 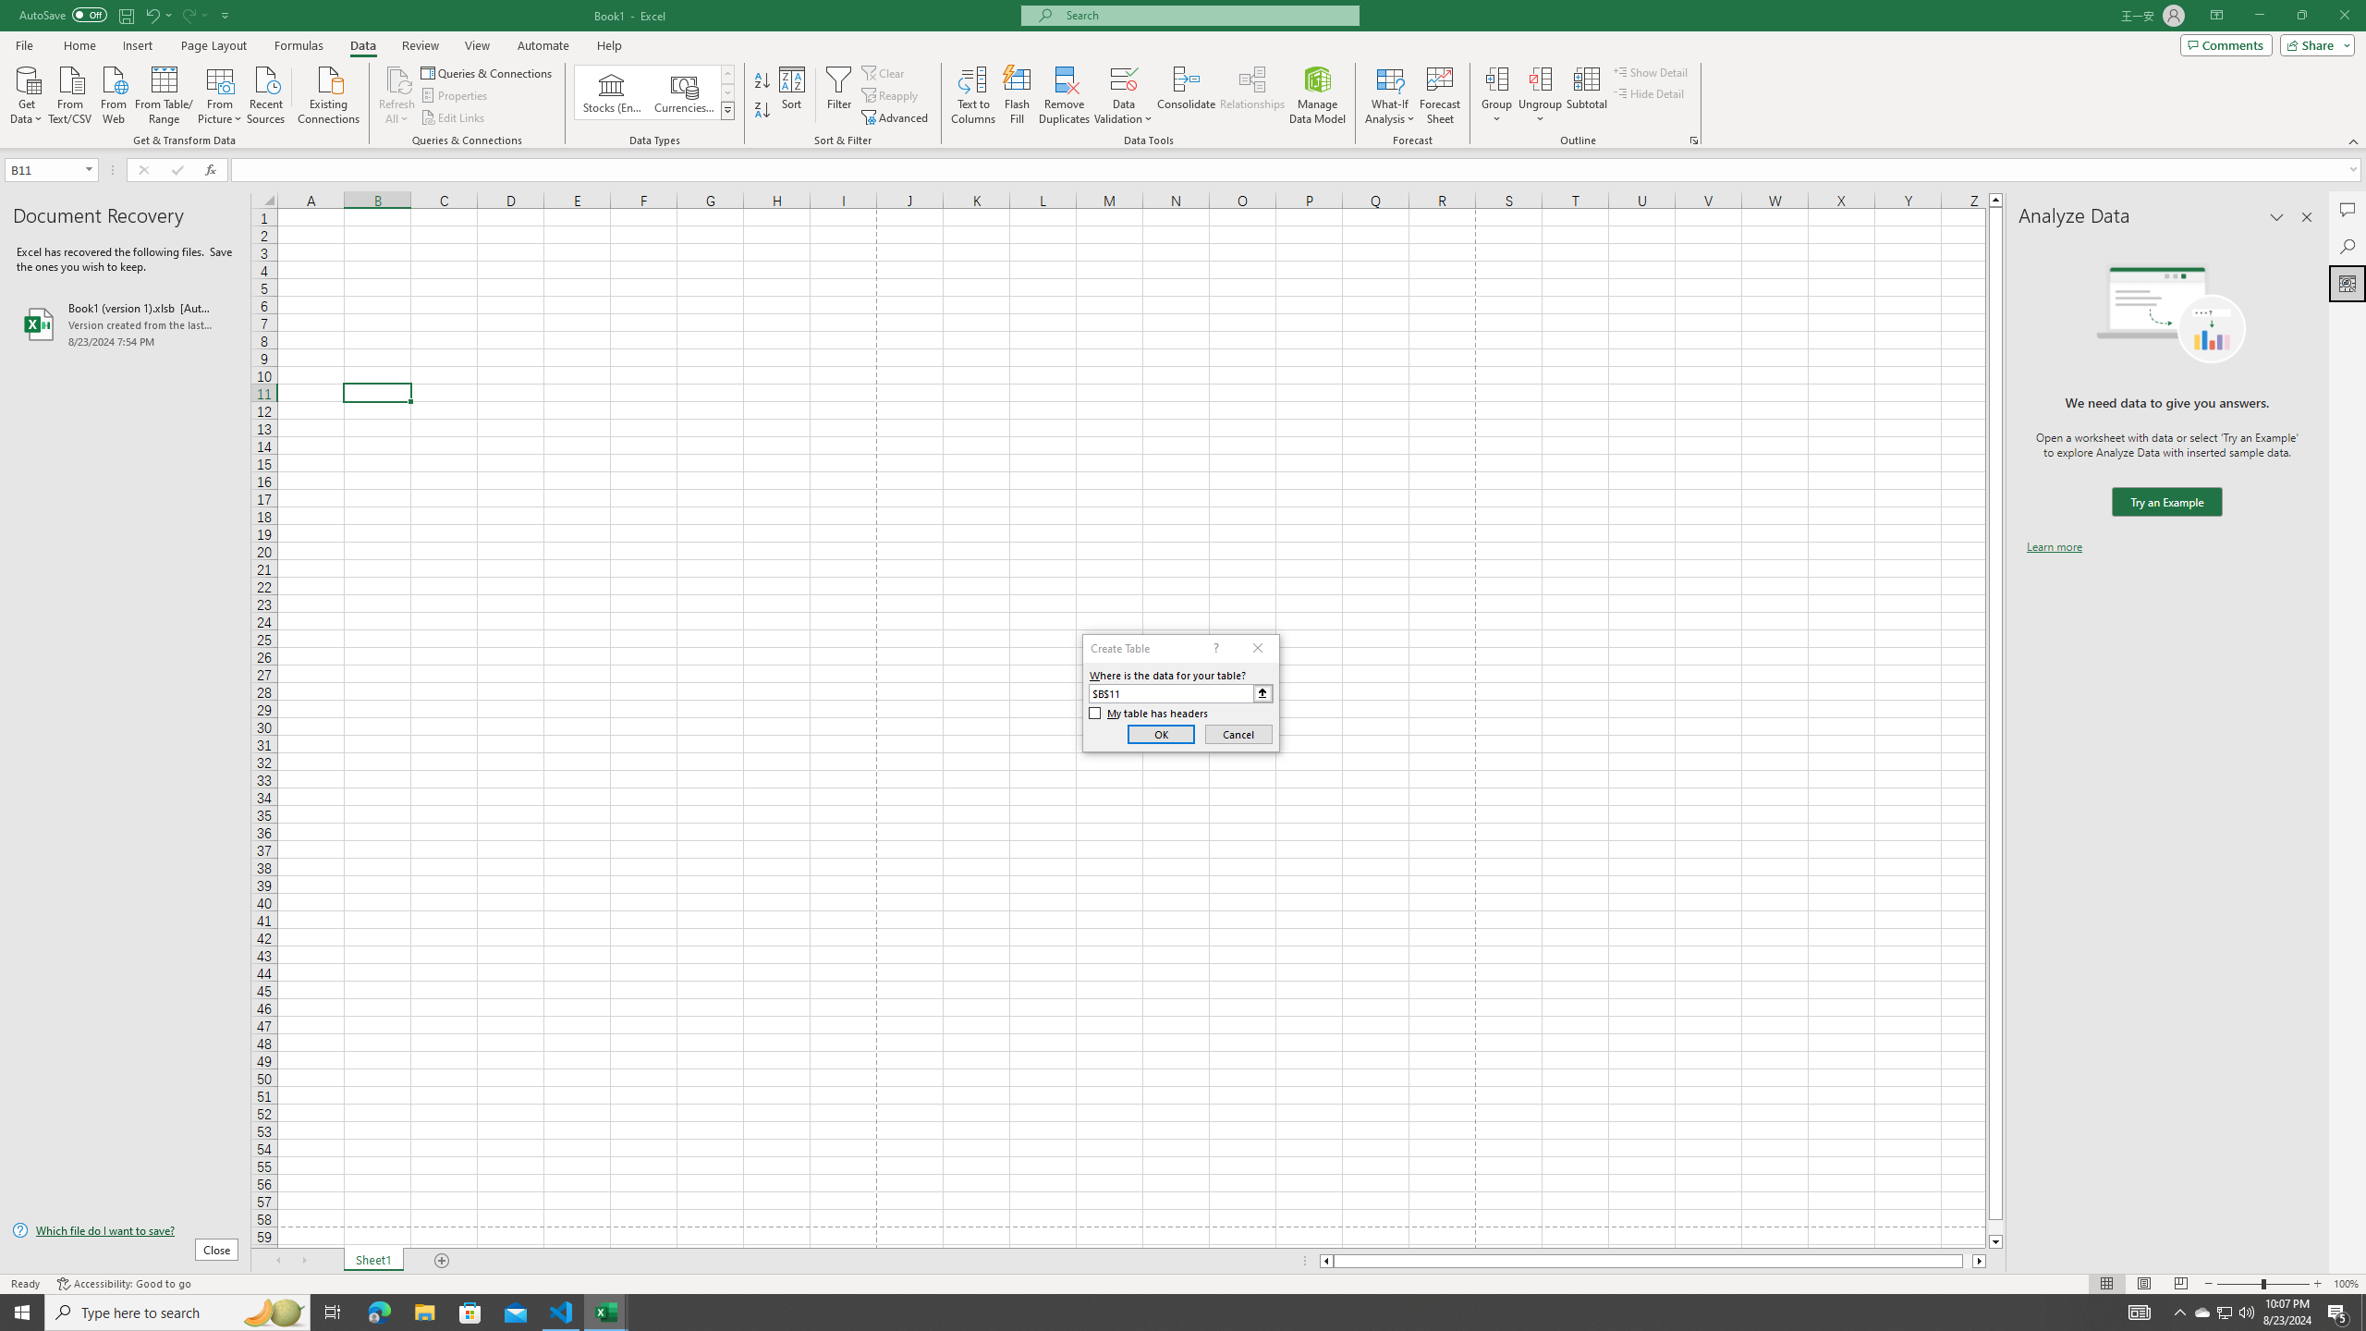 What do you see at coordinates (1186, 95) in the screenshot?
I see `'Consolidate...'` at bounding box center [1186, 95].